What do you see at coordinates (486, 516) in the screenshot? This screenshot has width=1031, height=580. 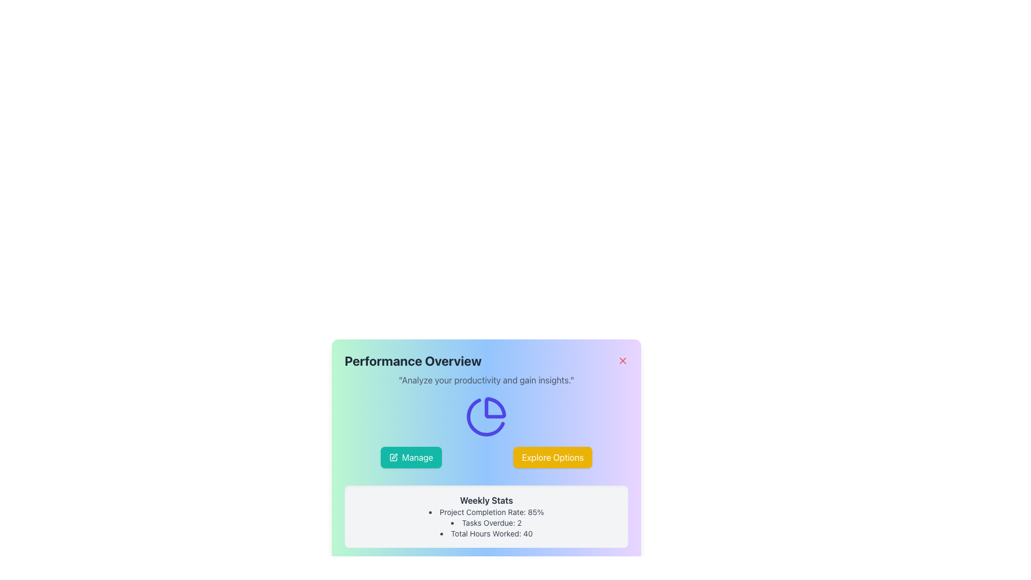 I see `the informational text block displaying statistical information about work-related metrics, located at the bottom of the 'Performance Overview' panel` at bounding box center [486, 516].